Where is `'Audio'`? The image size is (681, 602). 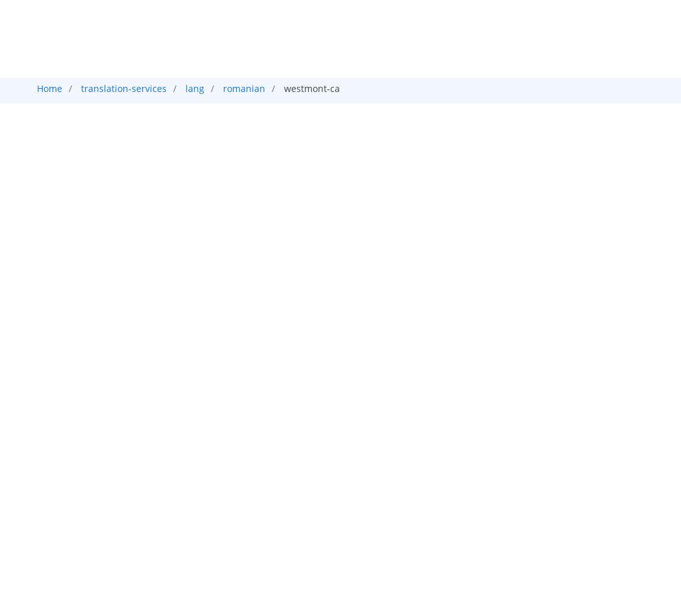 'Audio' is located at coordinates (259, 114).